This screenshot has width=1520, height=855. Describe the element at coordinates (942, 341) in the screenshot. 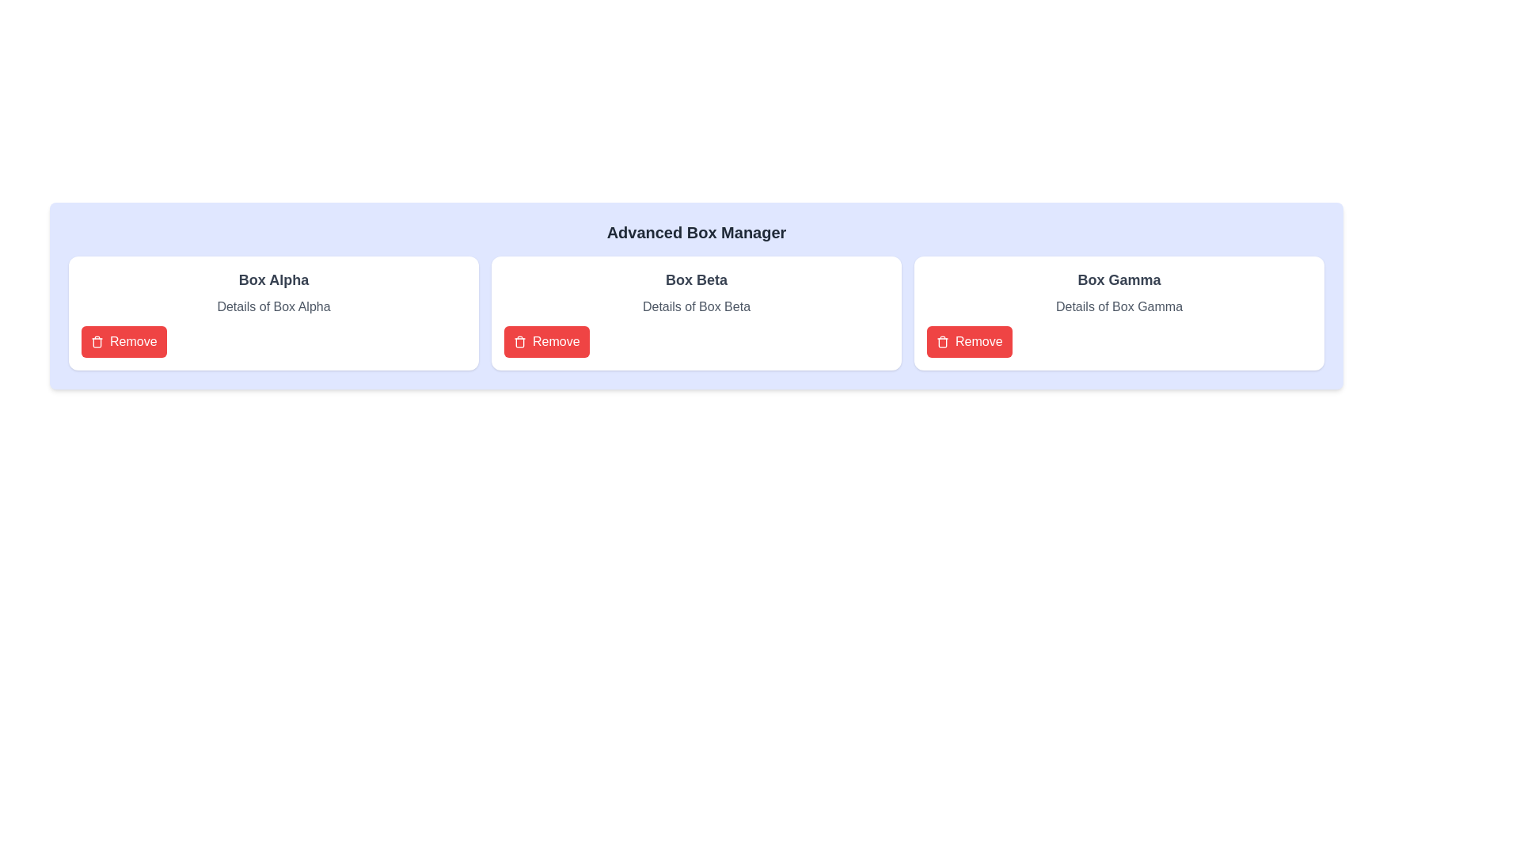

I see `the deletion icon within the 'Remove' button of the 'Box Beta' card` at that location.